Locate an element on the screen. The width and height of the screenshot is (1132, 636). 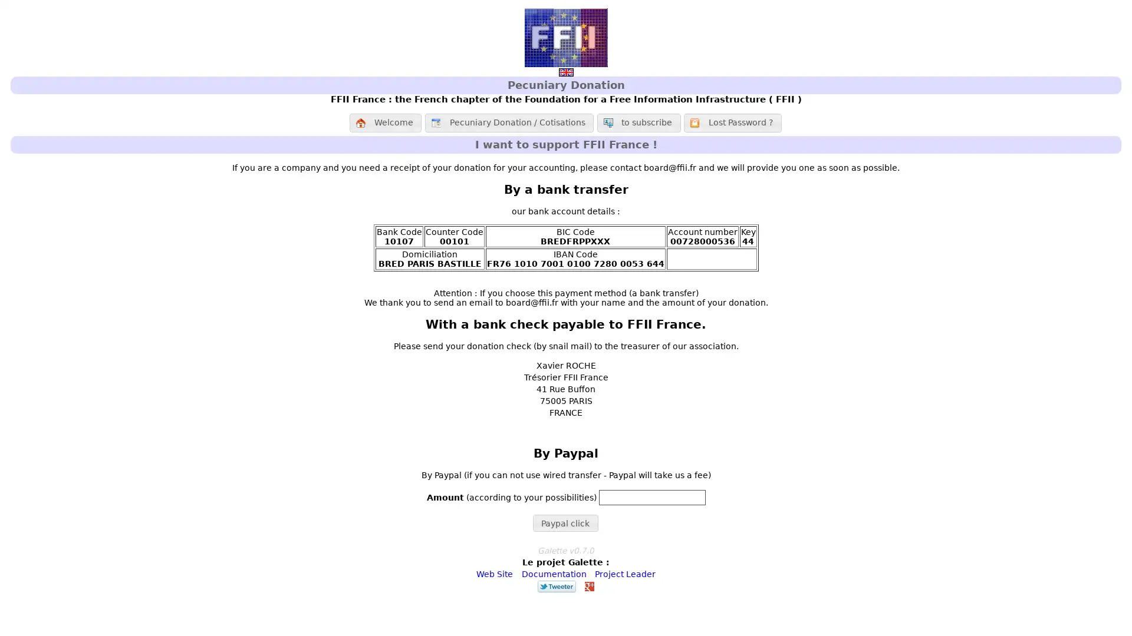
Lost Password ? is located at coordinates (732, 122).